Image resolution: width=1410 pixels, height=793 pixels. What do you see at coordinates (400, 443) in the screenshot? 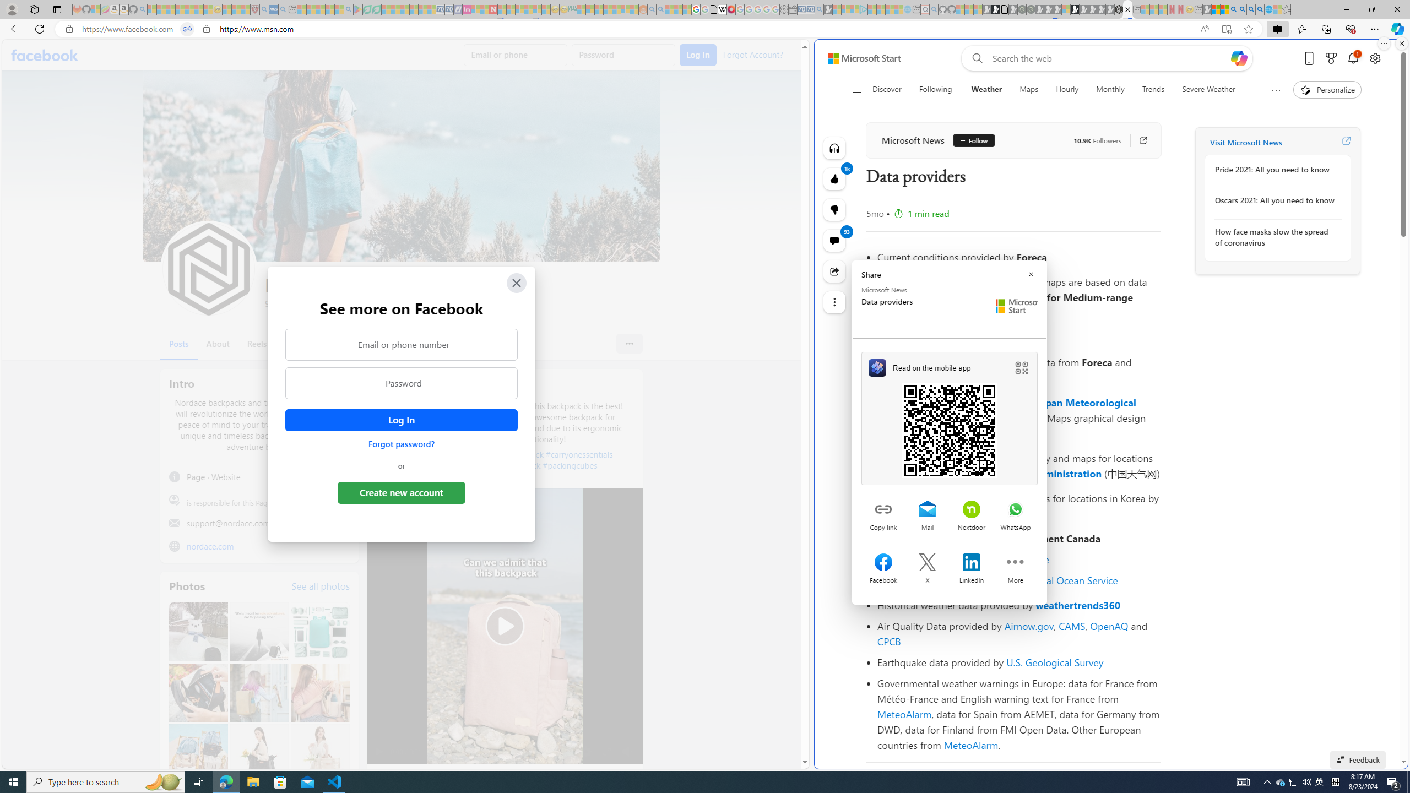
I see `'Forgot password?'` at bounding box center [400, 443].